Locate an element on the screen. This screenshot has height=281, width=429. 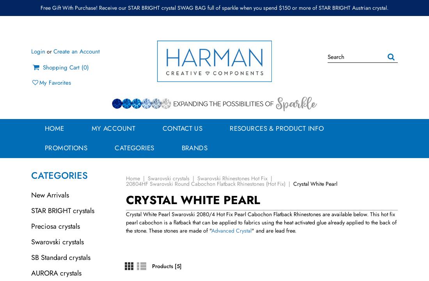
'STAR BRIGHT crystals' is located at coordinates (31, 211).